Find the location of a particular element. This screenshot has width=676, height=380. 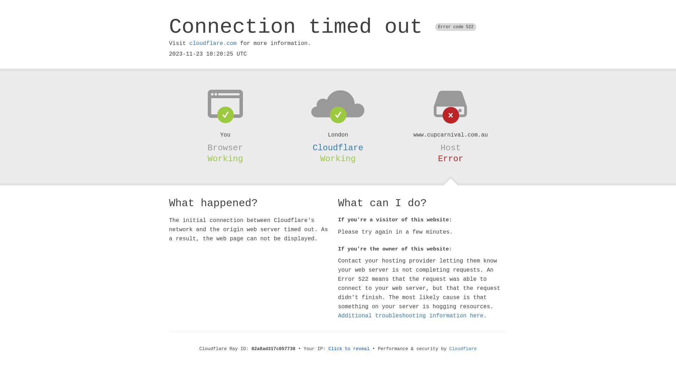

'Additional troubleshooting information here.' is located at coordinates (412, 316).